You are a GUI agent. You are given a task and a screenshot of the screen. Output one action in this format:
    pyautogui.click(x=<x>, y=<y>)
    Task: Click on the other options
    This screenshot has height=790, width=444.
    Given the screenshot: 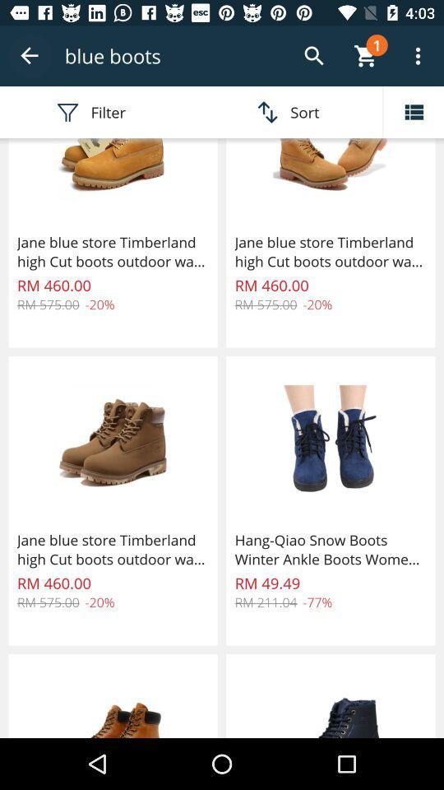 What is the action you would take?
    pyautogui.click(x=413, y=111)
    